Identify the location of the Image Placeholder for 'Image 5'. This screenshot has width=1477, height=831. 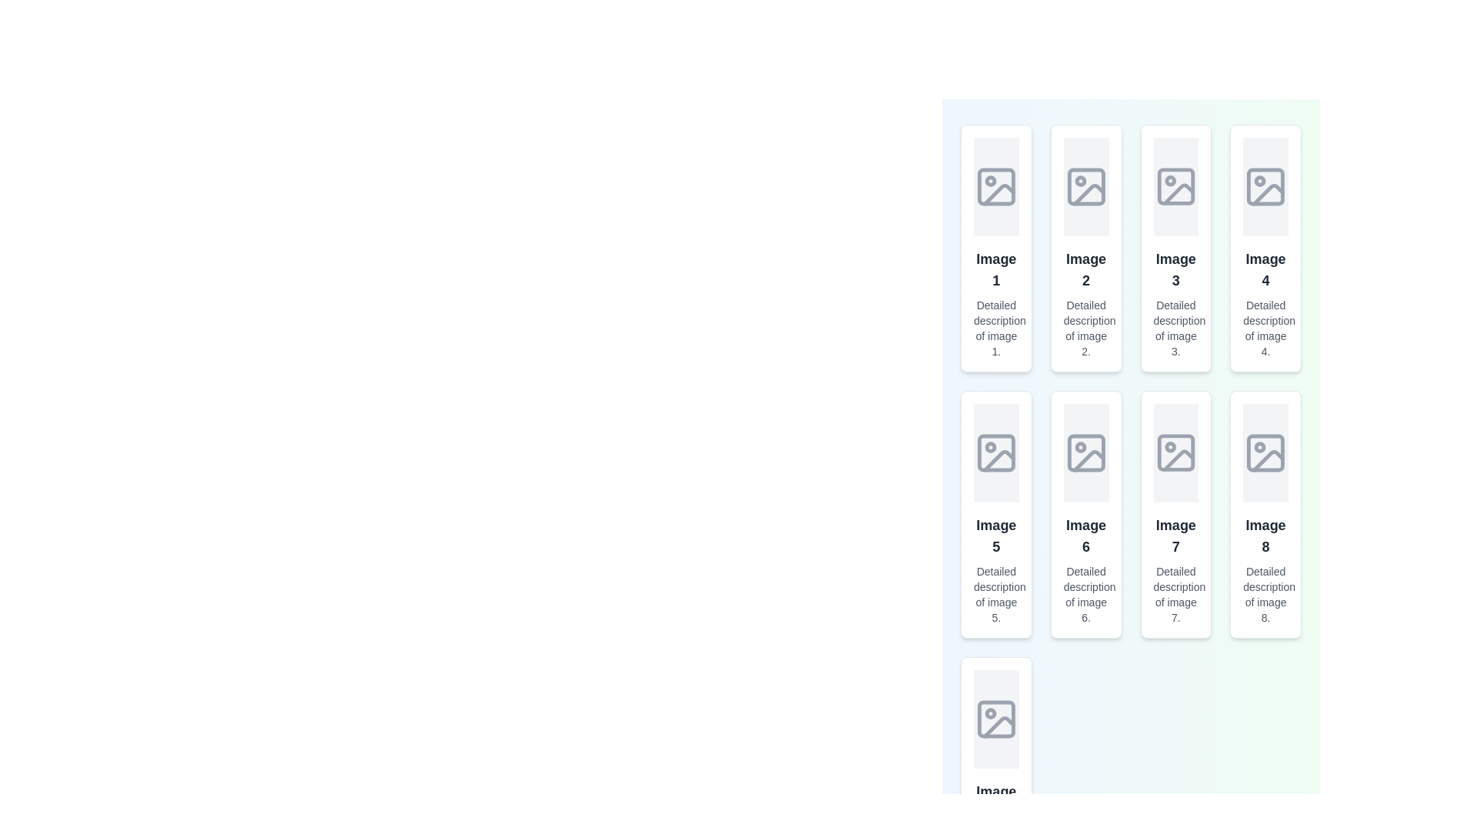
(996, 452).